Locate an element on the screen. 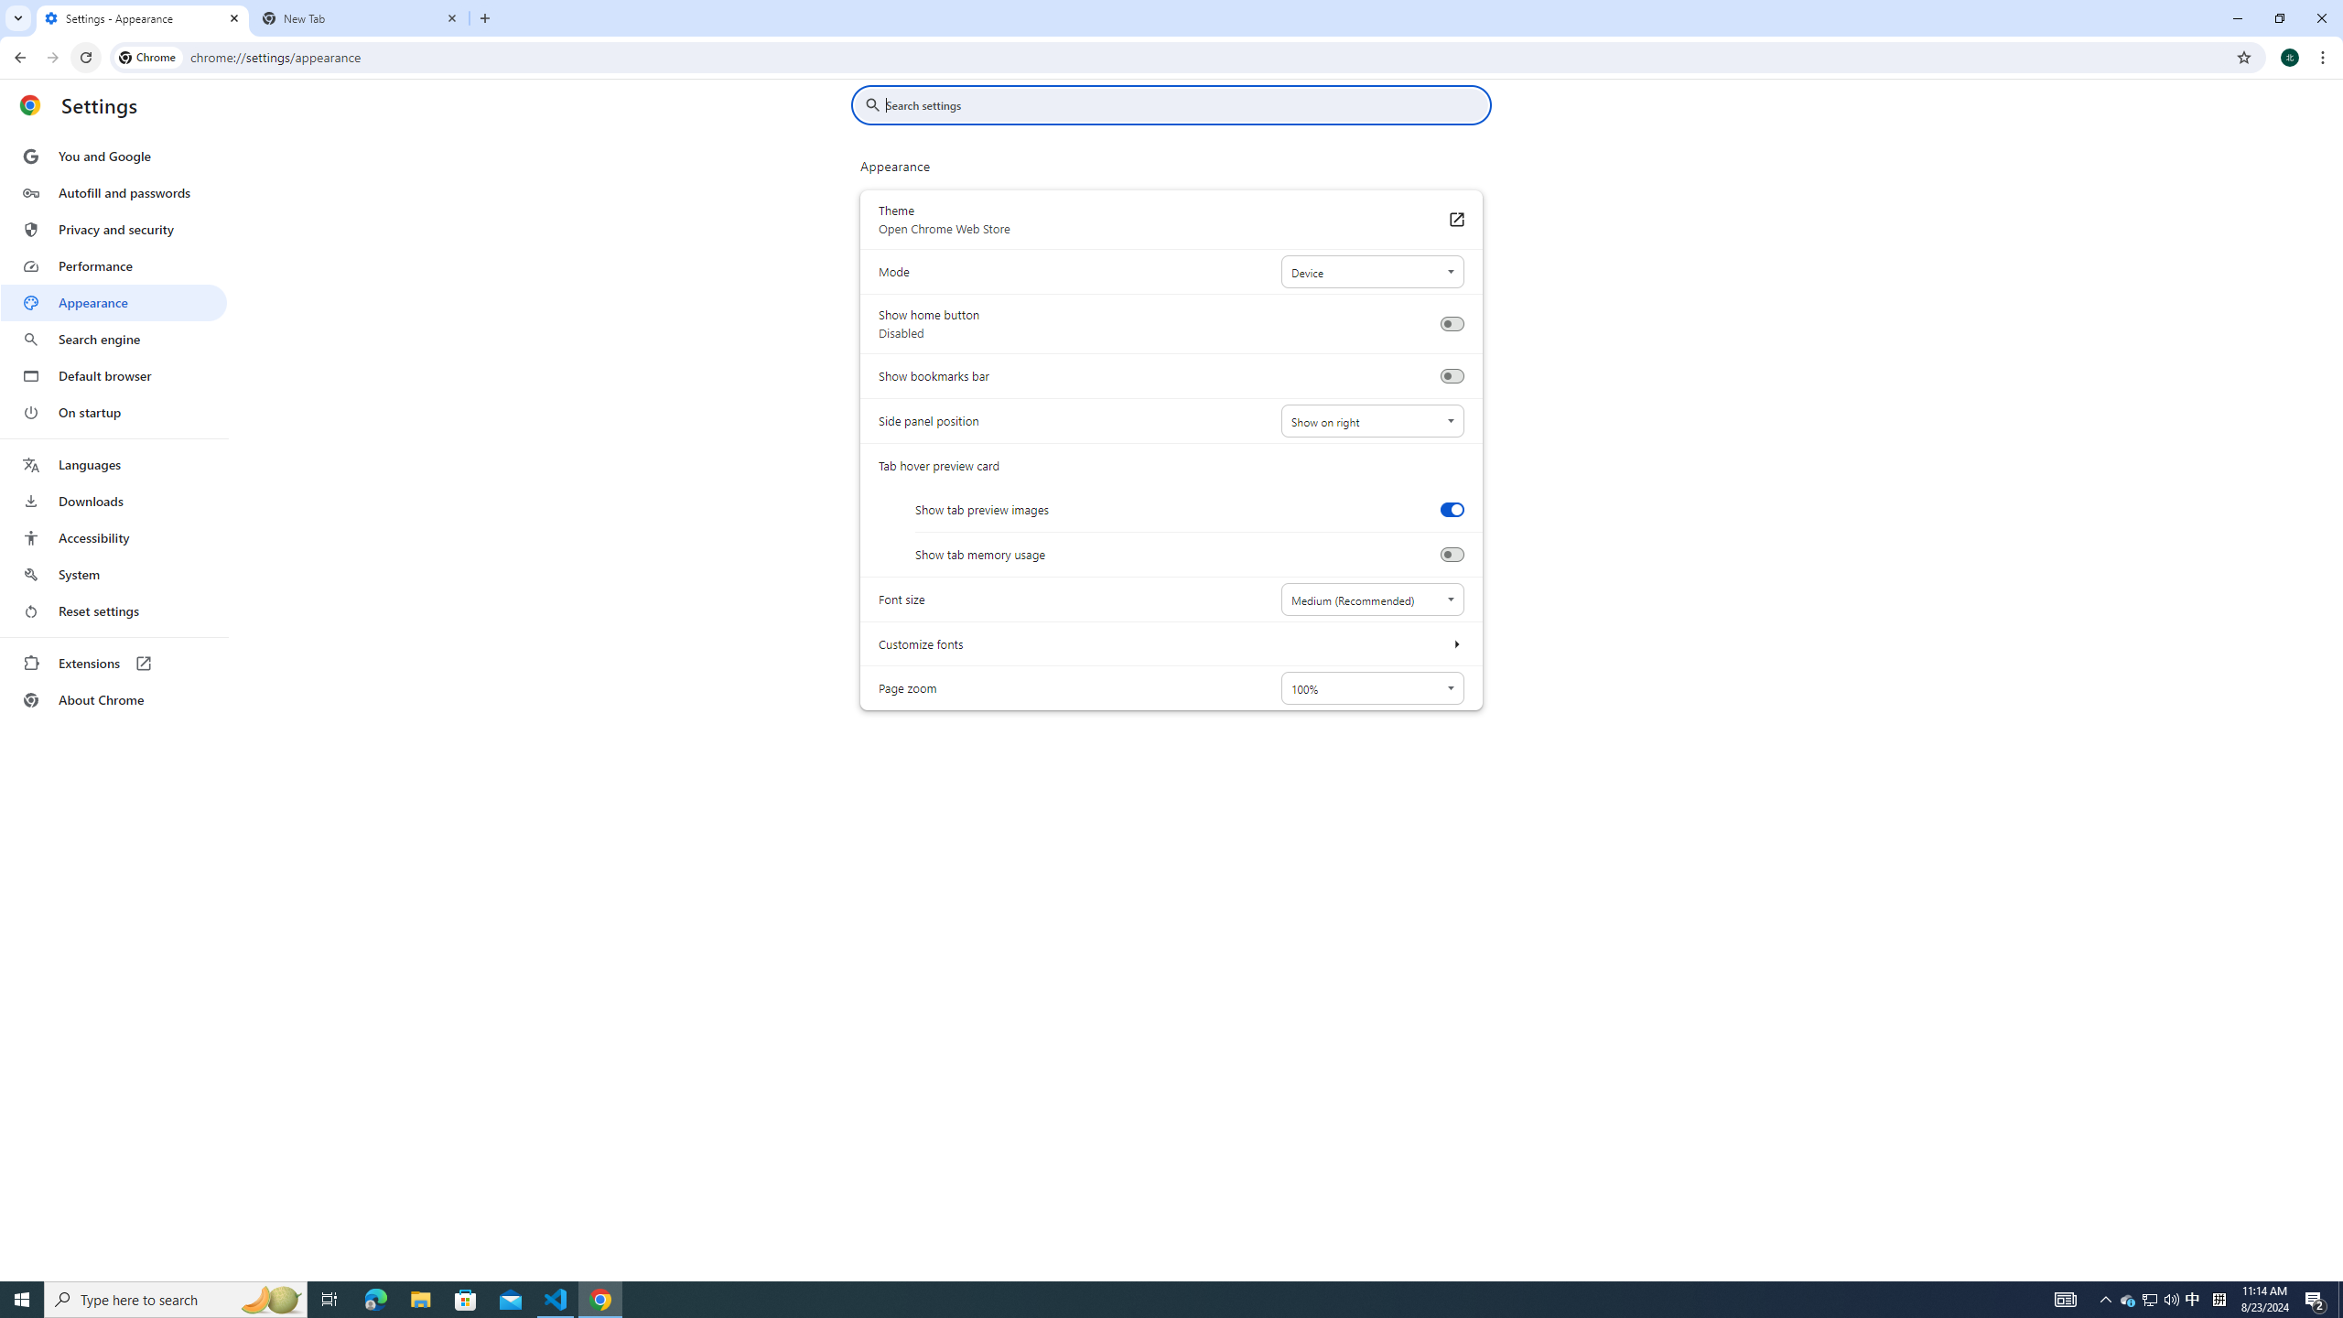 The width and height of the screenshot is (2343, 1318). 'About Chrome' is located at coordinates (113, 698).